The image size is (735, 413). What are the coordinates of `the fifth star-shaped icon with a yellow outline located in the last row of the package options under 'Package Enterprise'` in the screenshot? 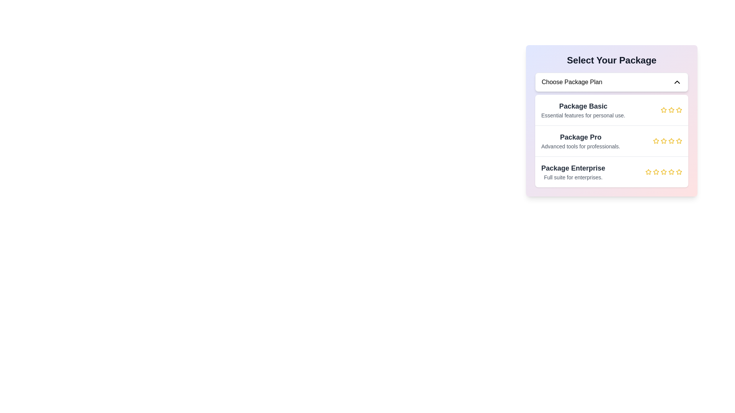 It's located at (678, 171).